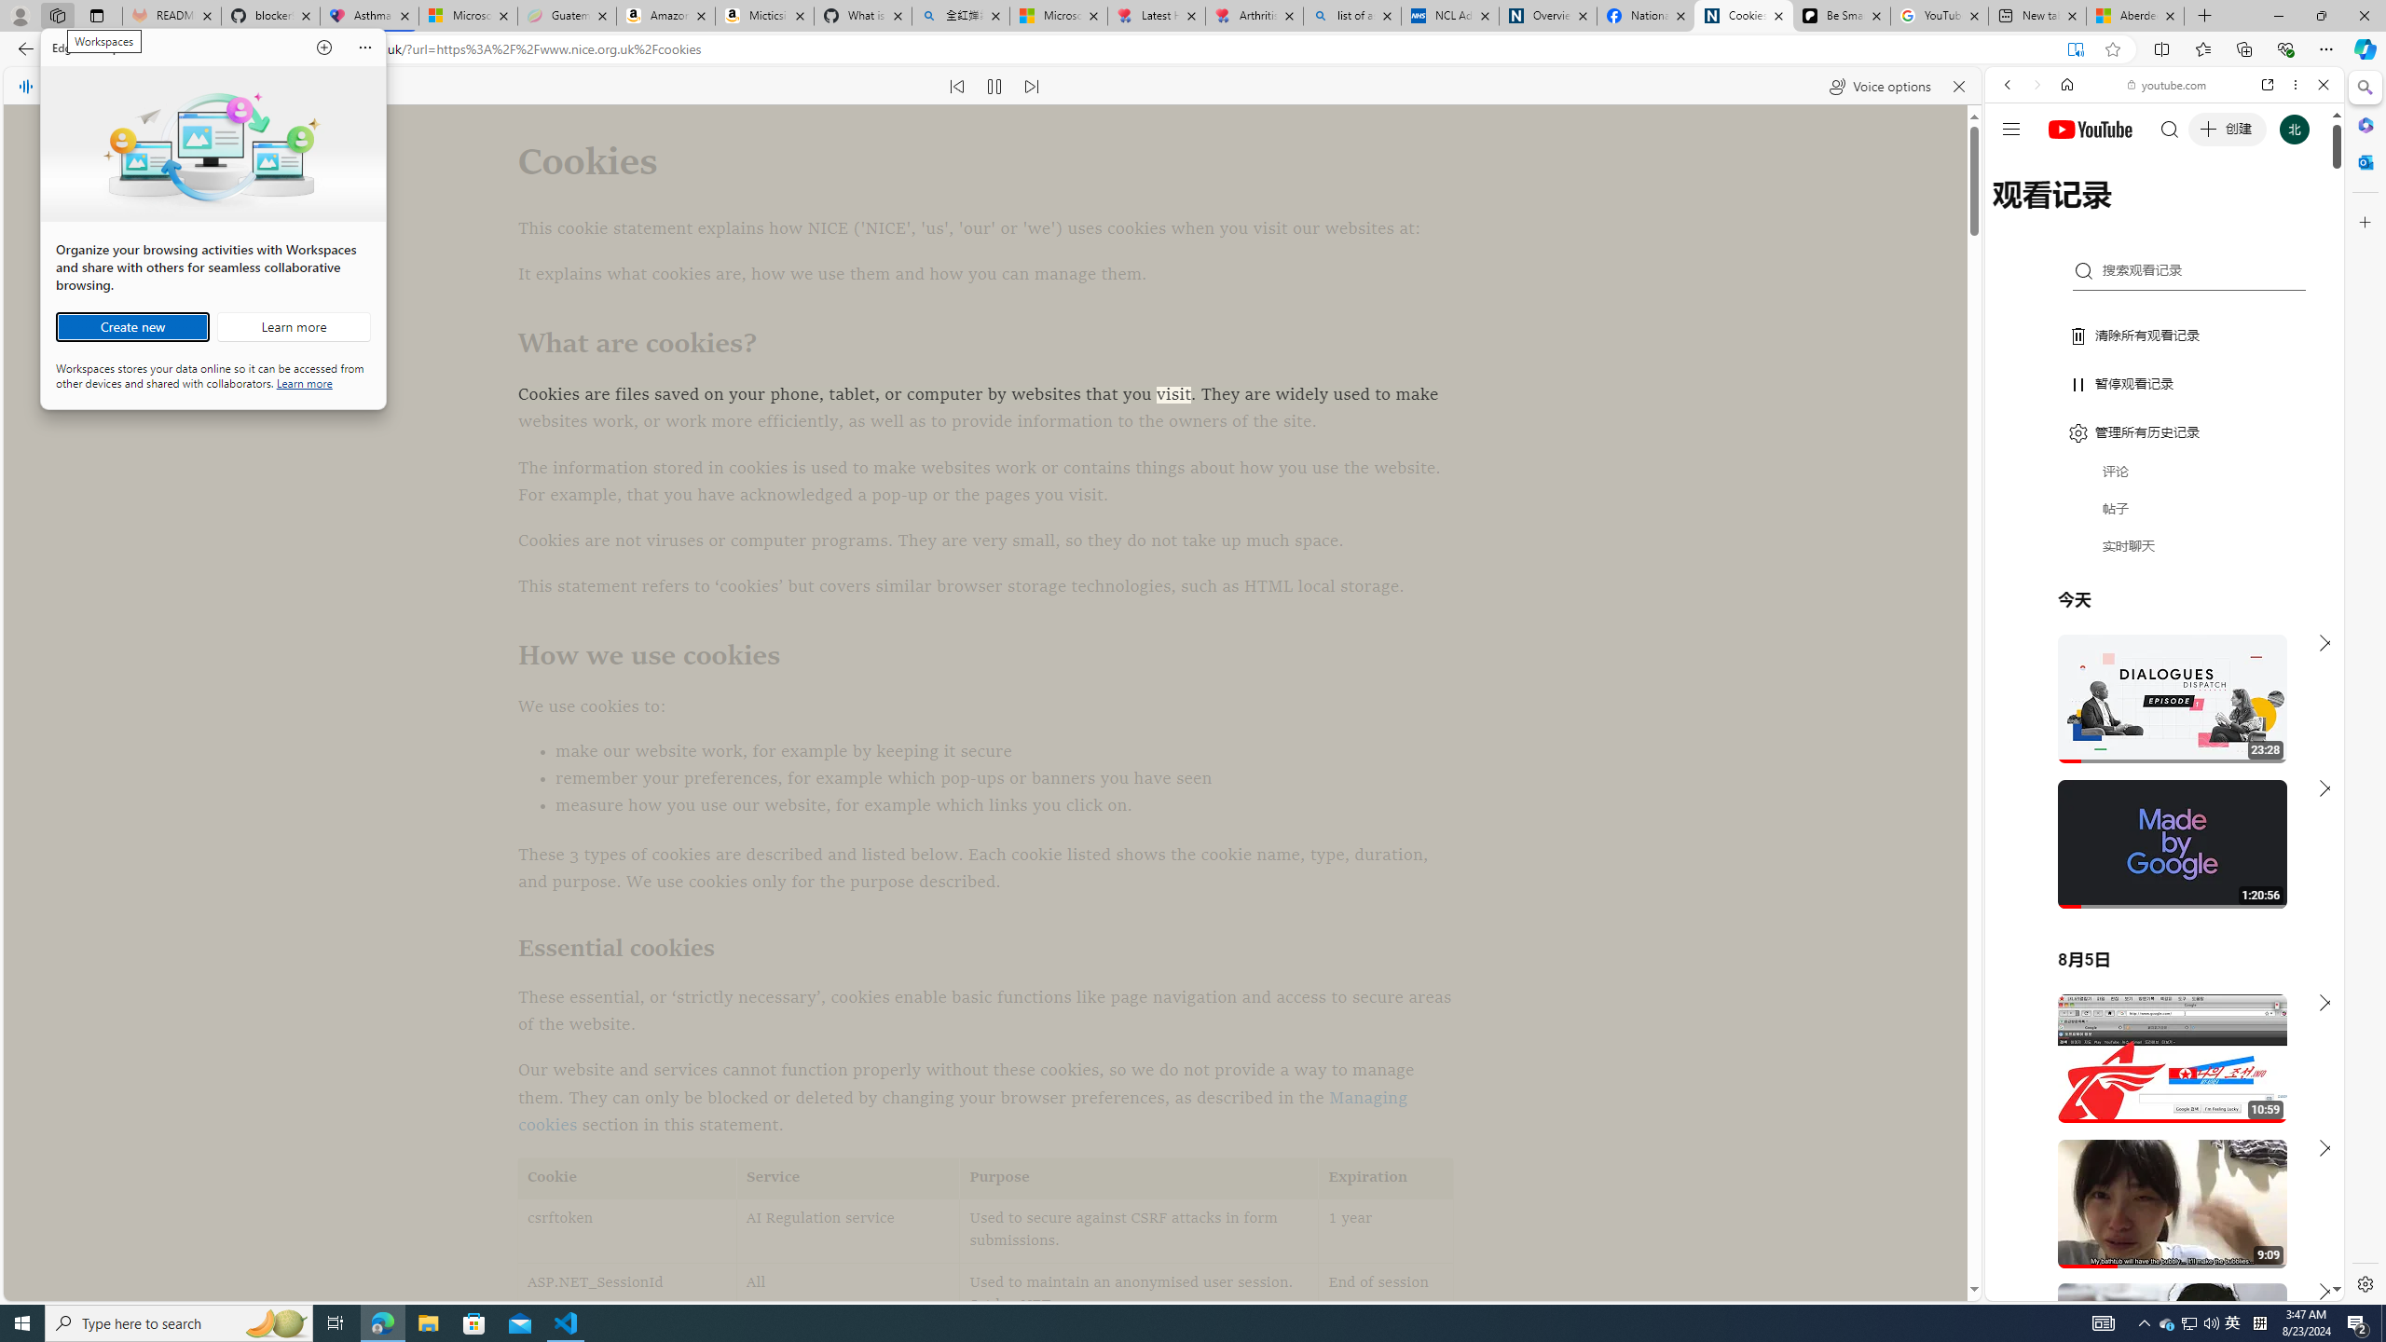  Describe the element at coordinates (2162, 415) in the screenshot. I see `'#you'` at that location.